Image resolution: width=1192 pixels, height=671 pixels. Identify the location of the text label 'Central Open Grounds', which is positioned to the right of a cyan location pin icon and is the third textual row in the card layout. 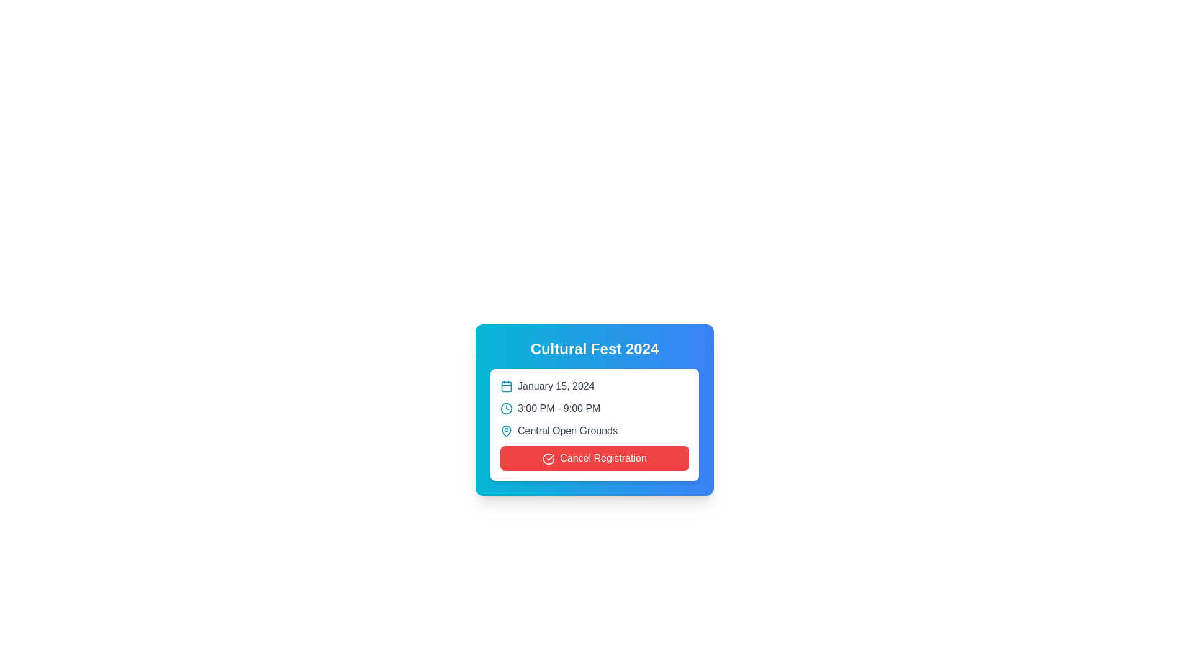
(594, 431).